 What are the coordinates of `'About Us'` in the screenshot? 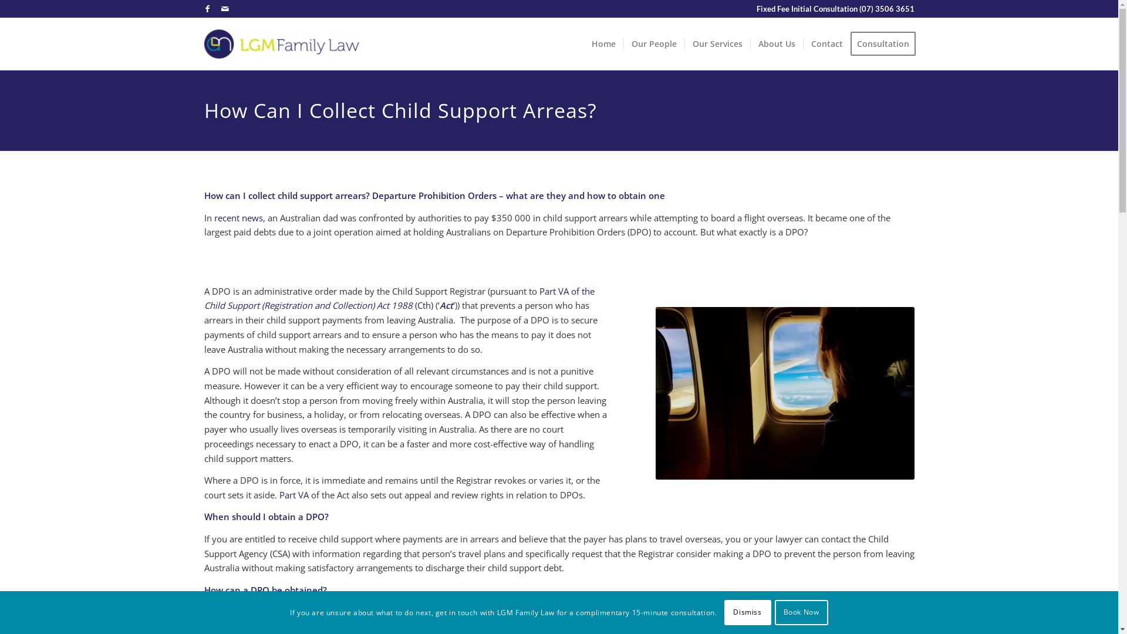 It's located at (777, 43).